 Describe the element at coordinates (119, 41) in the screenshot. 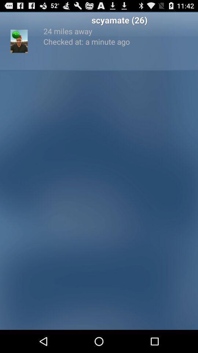

I see `app below 24 miles away app` at that location.